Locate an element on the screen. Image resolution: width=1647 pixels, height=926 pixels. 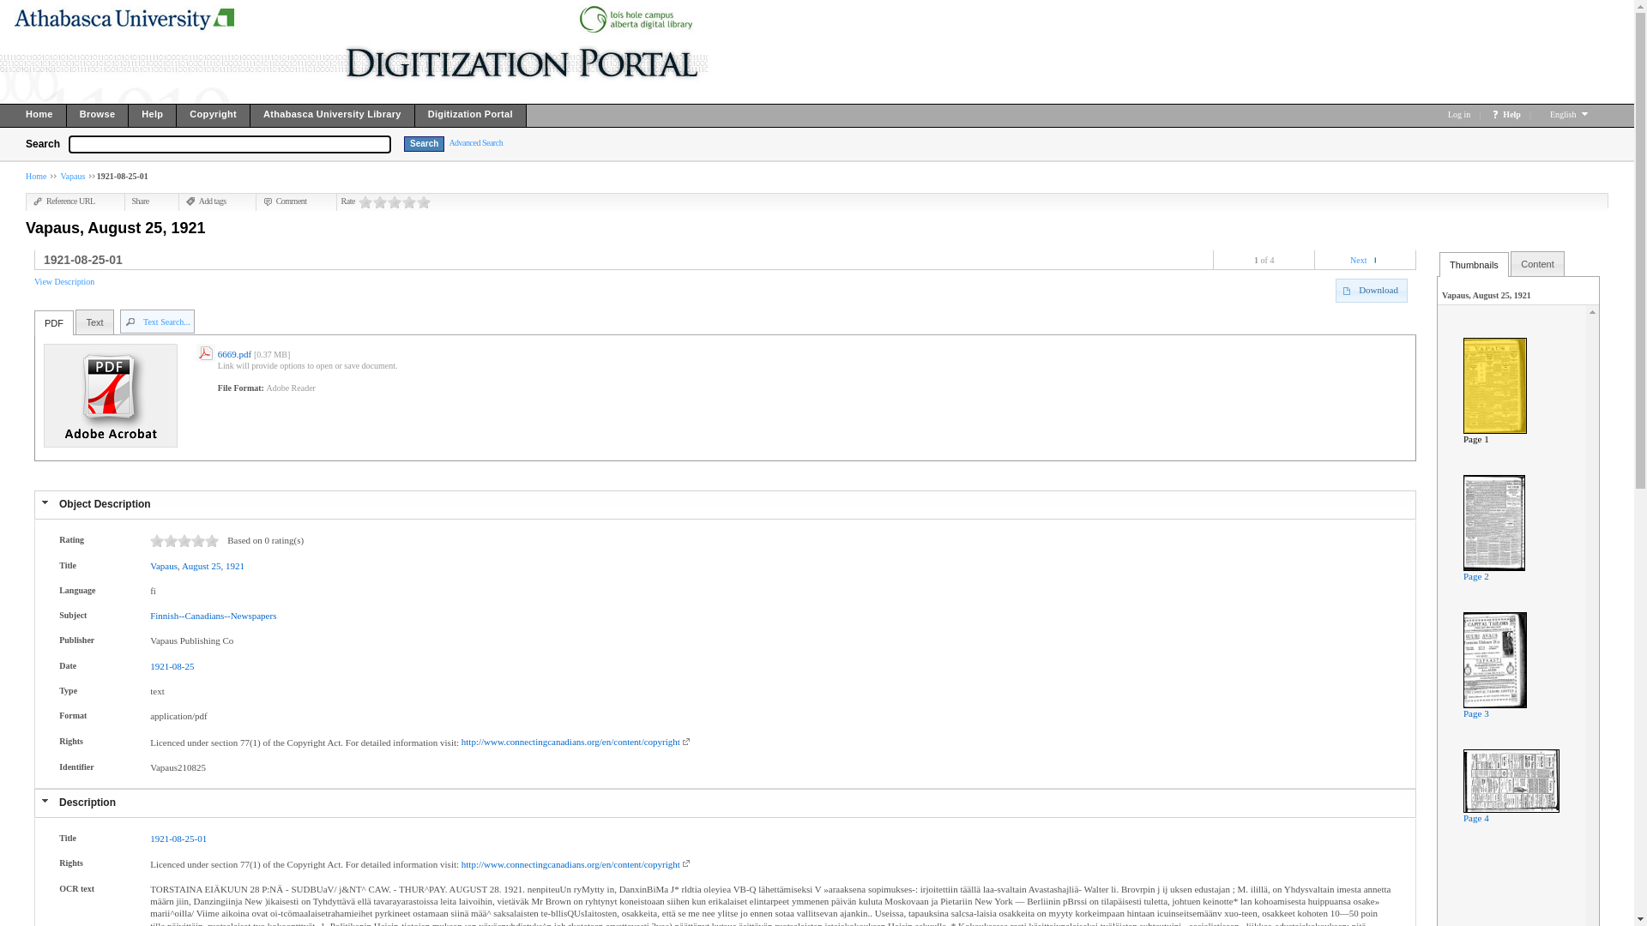
'Comment' is located at coordinates (285, 200).